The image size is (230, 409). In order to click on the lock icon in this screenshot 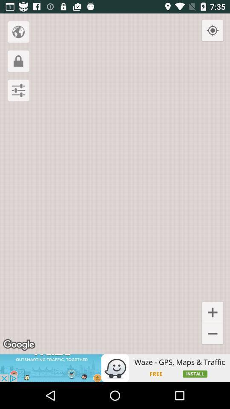, I will do `click(18, 60)`.